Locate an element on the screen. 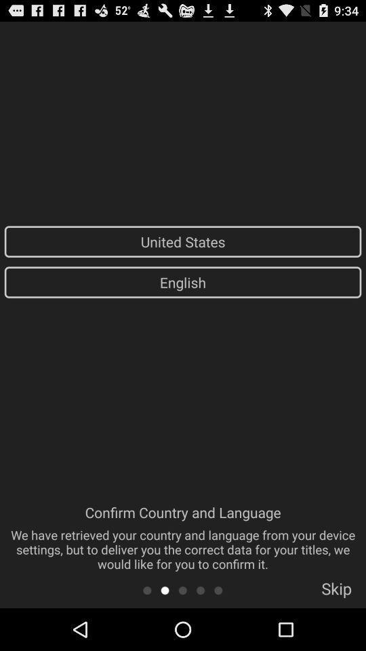 The image size is (366, 651). the icon below the confirm country and icon is located at coordinates (146, 589).